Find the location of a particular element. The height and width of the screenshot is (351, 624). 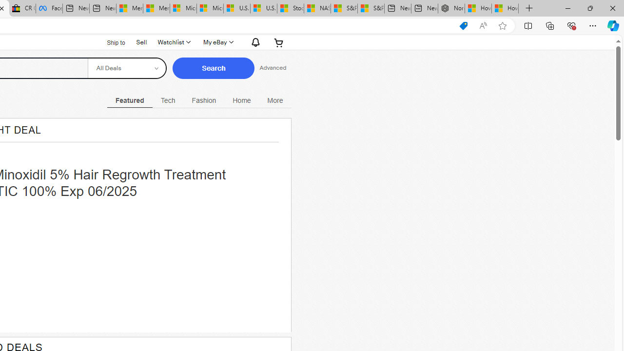

'My eBayExpand My eBay' is located at coordinates (217, 42).